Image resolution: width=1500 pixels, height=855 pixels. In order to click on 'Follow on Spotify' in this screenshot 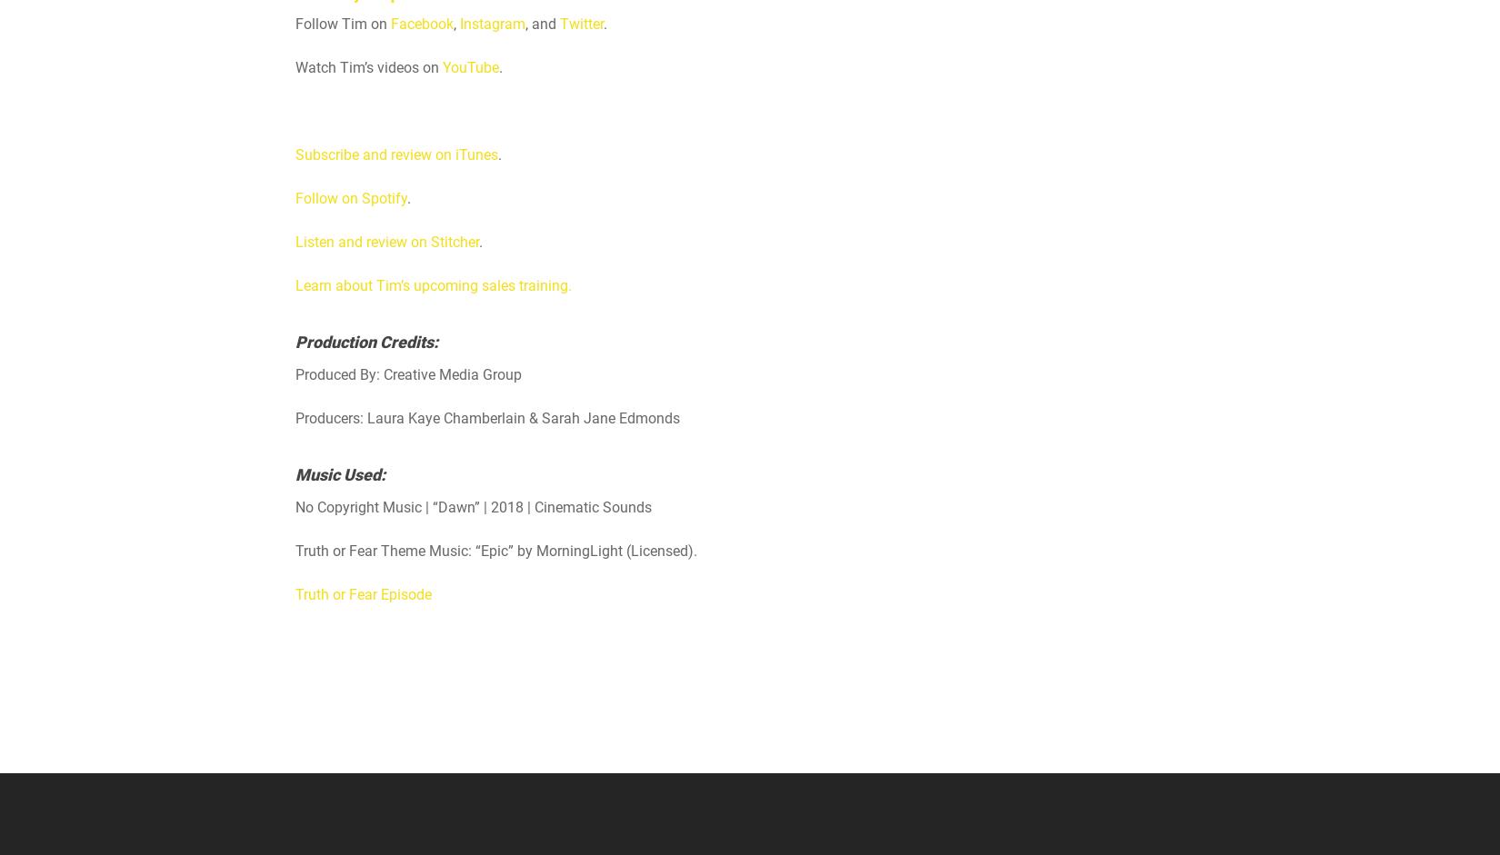, I will do `click(351, 197)`.